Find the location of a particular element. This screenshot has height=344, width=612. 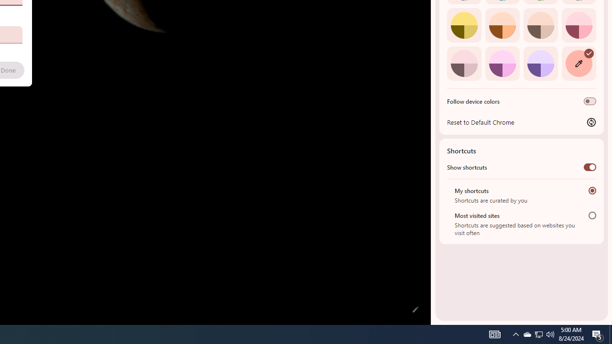

'Citron' is located at coordinates (464, 24).